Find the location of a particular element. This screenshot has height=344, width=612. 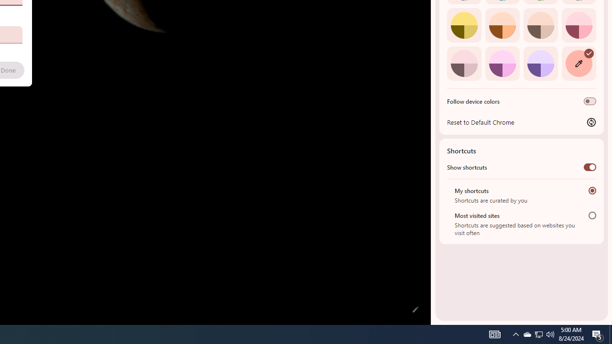

'Citron' is located at coordinates (464, 24).